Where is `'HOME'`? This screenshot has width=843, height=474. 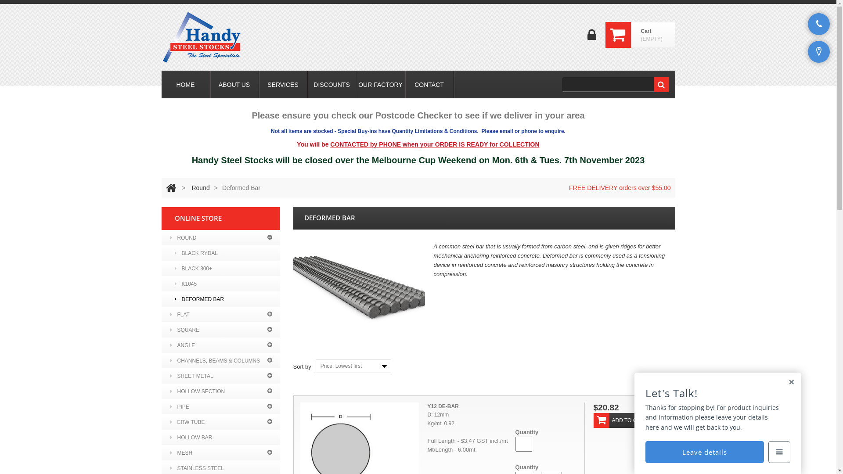
'HOME' is located at coordinates (162, 84).